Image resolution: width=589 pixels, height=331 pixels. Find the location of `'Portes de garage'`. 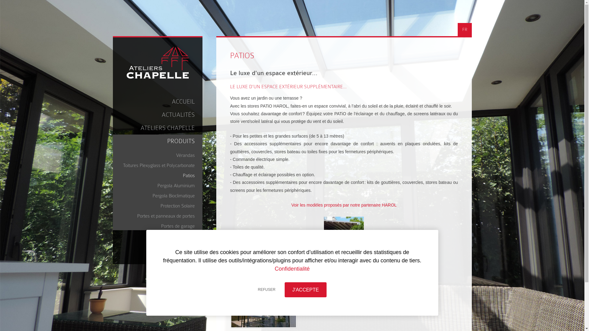

'Portes de garage' is located at coordinates (159, 225).